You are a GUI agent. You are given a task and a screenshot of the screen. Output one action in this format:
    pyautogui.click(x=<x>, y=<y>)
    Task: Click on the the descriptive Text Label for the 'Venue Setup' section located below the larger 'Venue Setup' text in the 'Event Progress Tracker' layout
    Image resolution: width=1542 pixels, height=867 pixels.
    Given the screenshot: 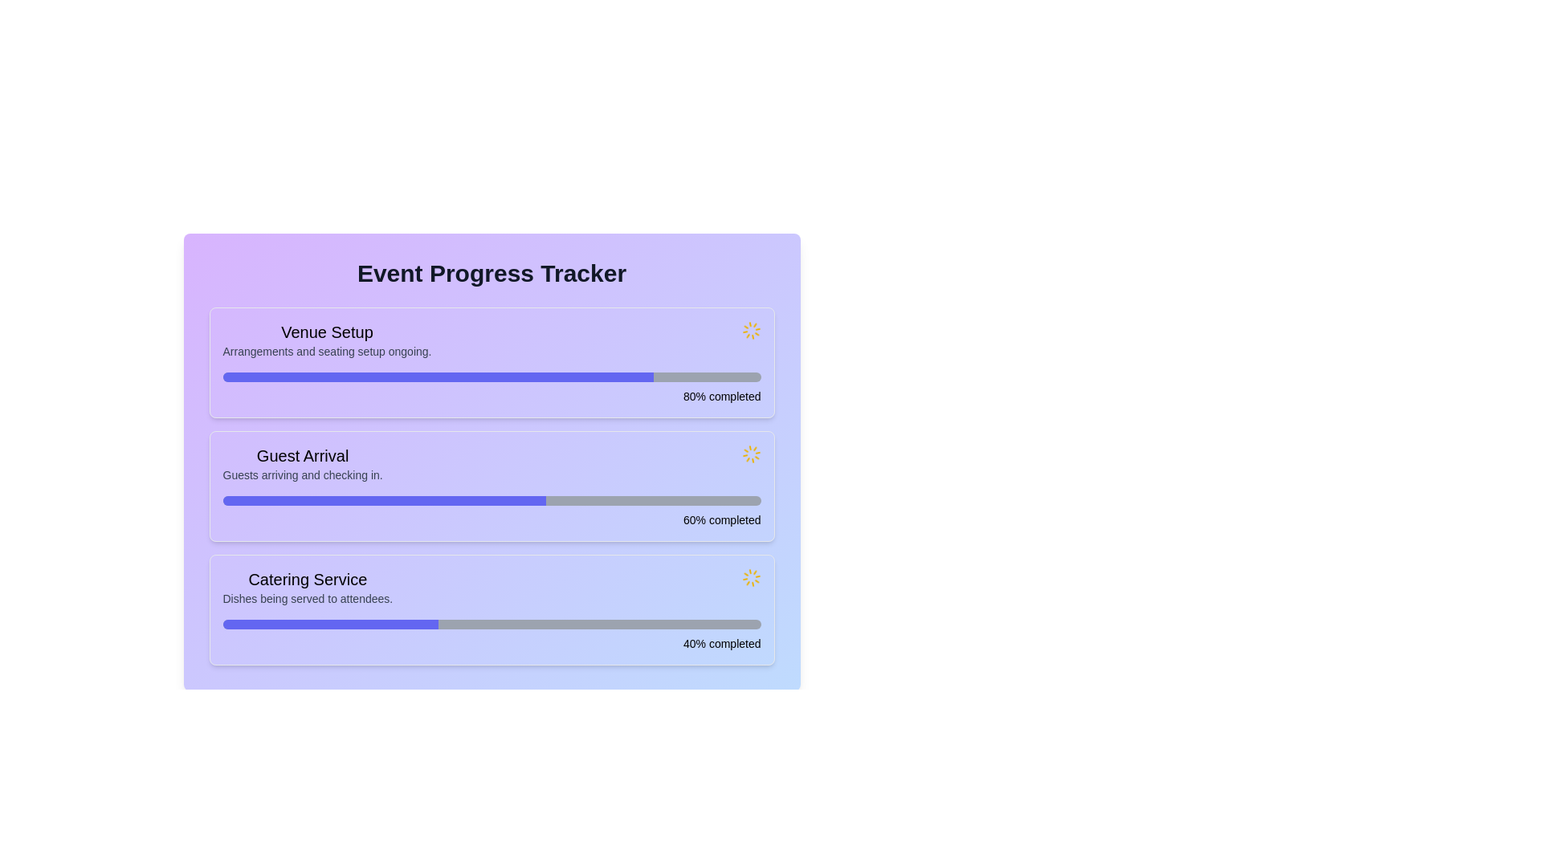 What is the action you would take?
    pyautogui.click(x=326, y=351)
    